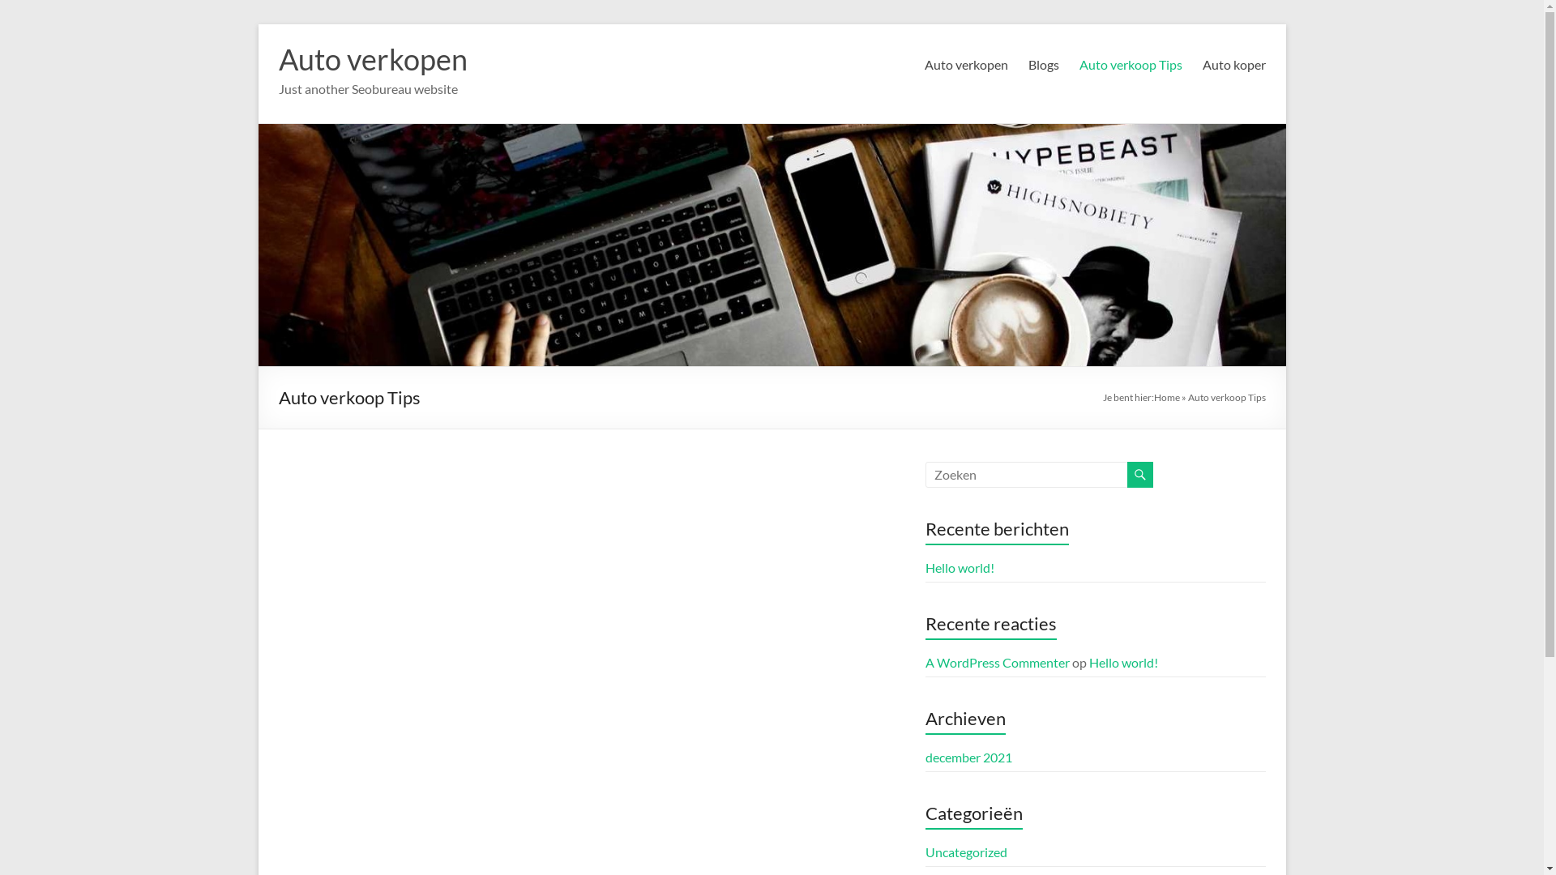  I want to click on 'Uncategorized', so click(925, 851).